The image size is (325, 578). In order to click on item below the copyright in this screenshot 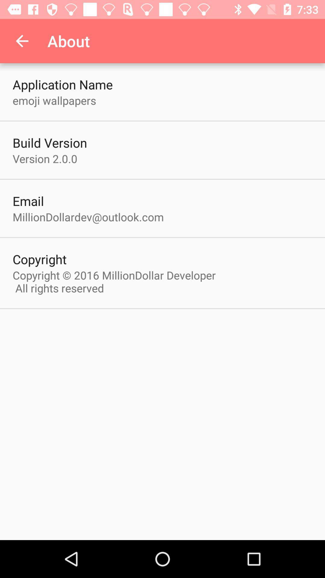, I will do `click(117, 281)`.